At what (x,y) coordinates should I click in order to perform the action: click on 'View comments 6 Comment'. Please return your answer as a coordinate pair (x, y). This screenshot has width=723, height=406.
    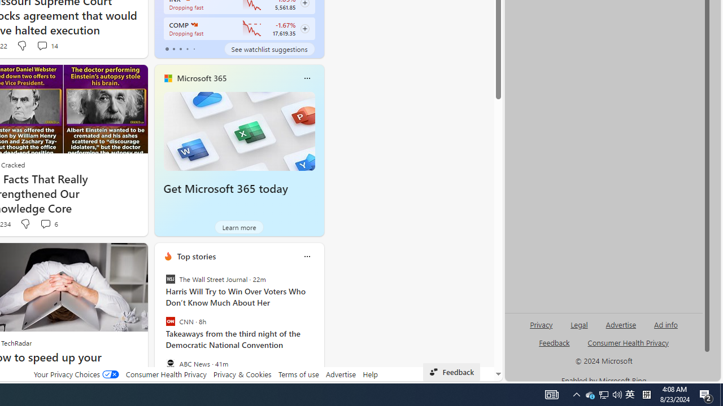
    Looking at the image, I should click on (48, 224).